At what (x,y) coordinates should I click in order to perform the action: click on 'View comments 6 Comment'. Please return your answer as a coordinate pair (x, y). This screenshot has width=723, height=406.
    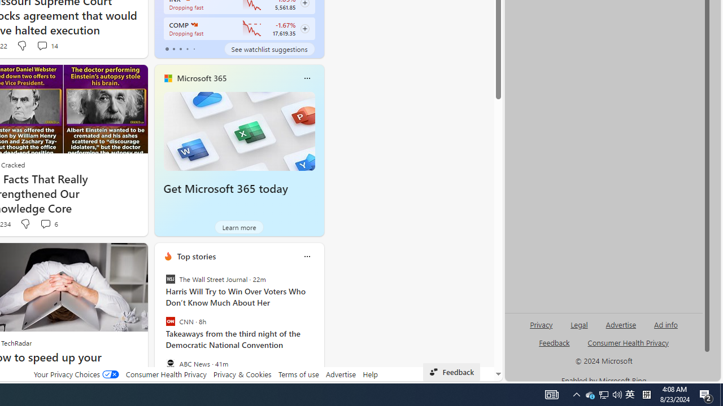
    Looking at the image, I should click on (48, 224).